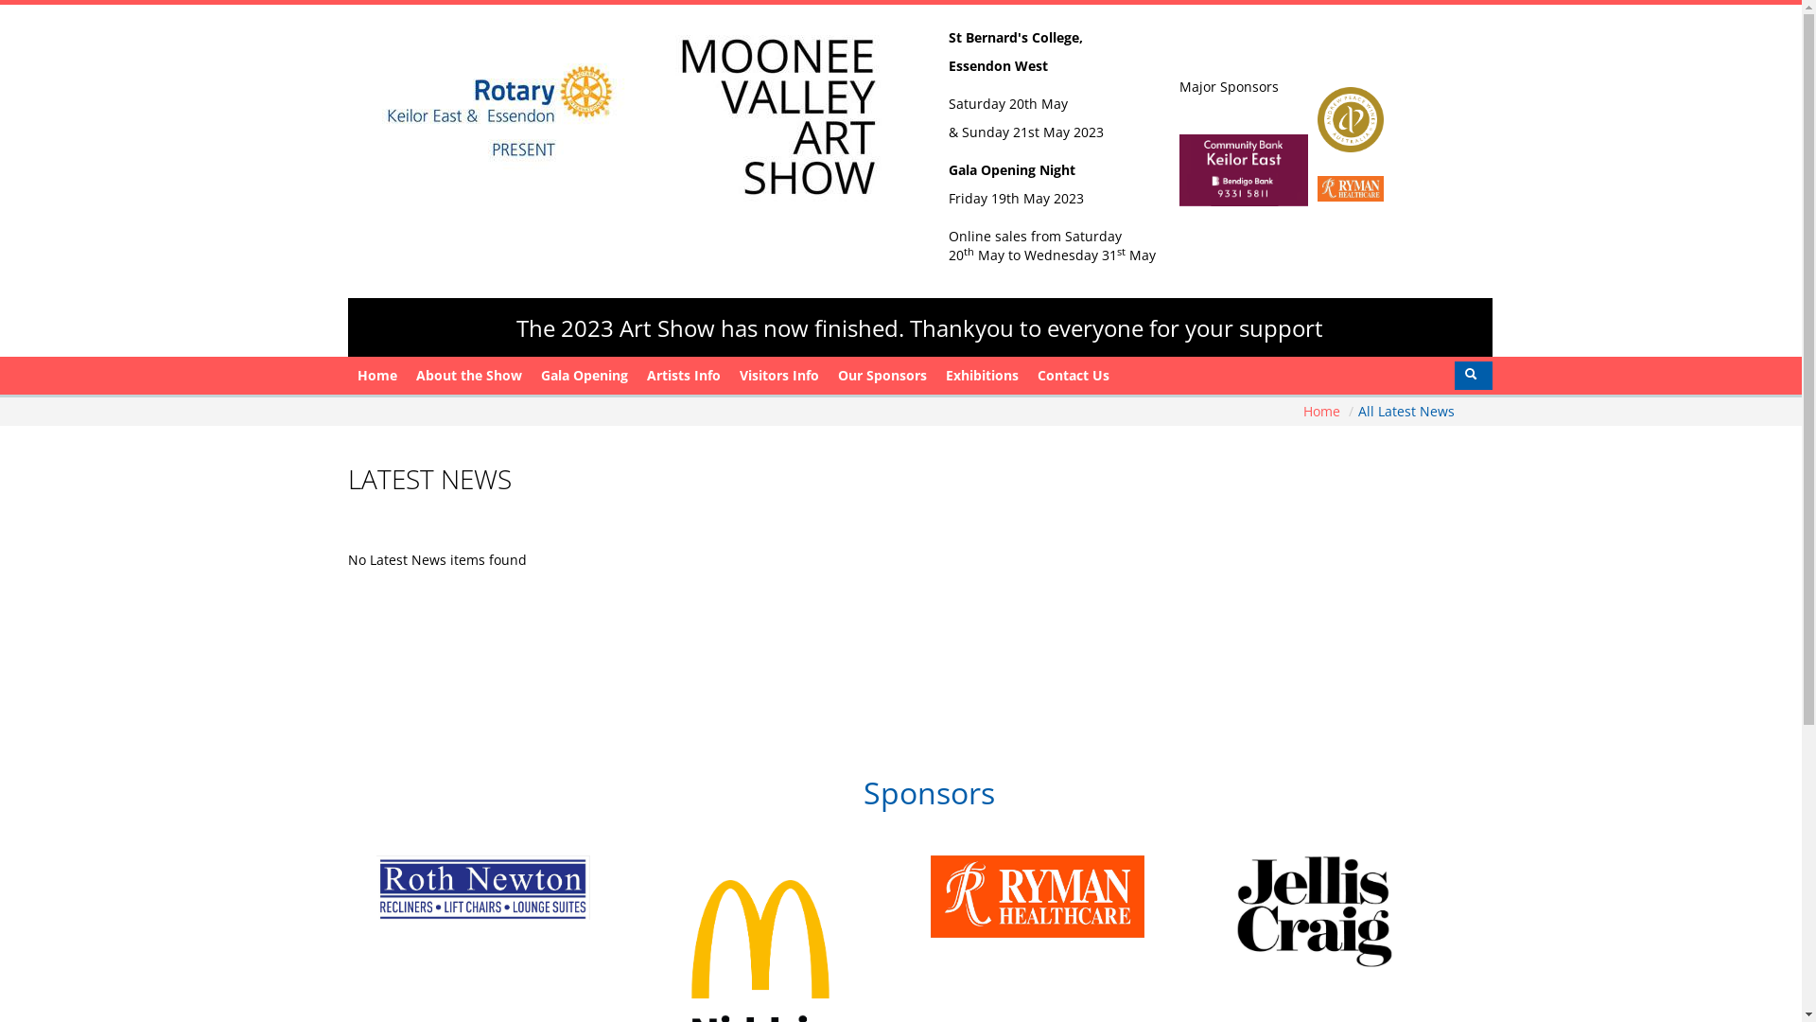  Describe the element at coordinates (929, 792) in the screenshot. I see `'Sponsors'` at that location.